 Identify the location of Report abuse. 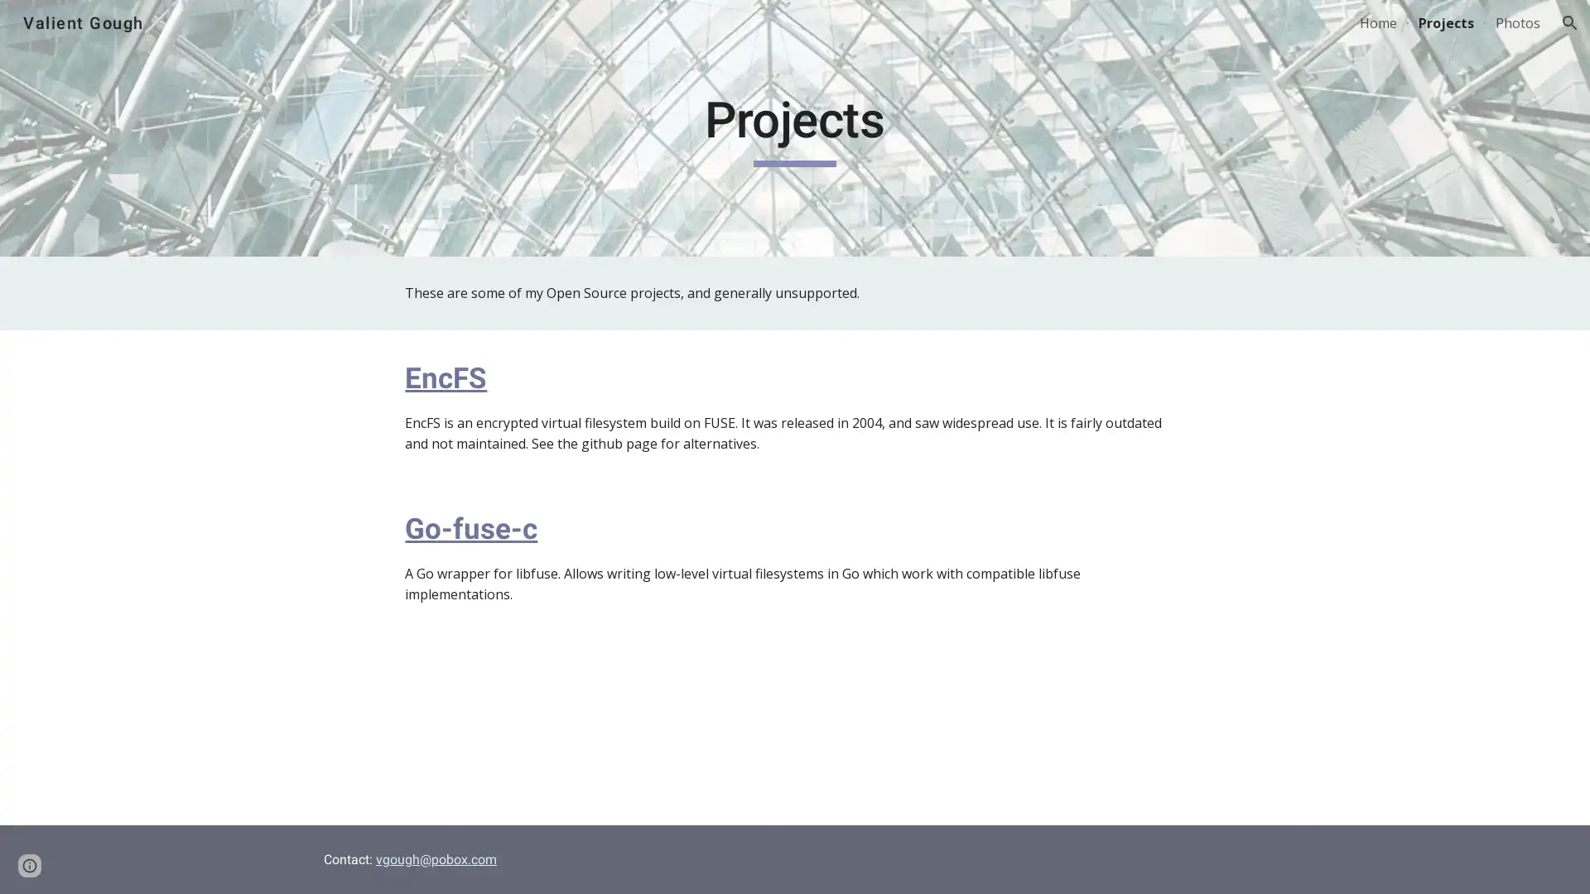
(199, 864).